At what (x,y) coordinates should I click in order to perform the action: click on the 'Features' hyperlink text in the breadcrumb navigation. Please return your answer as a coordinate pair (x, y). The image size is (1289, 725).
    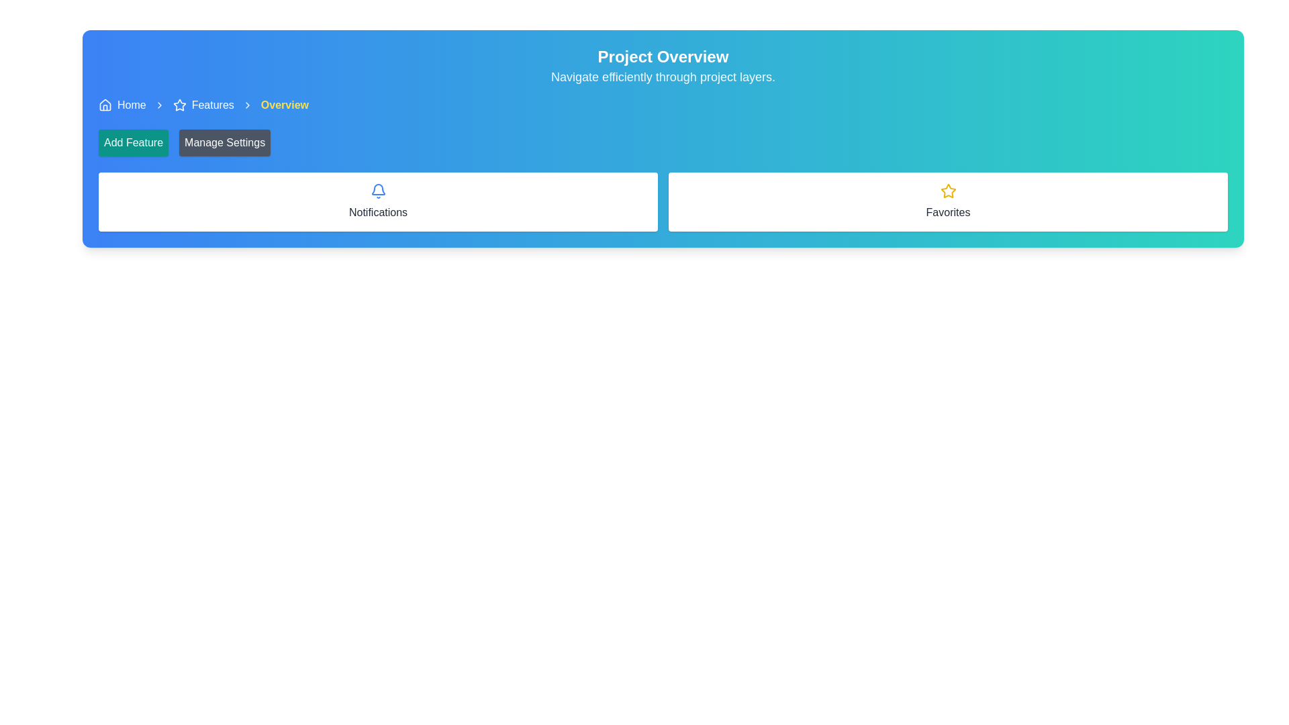
    Looking at the image, I should click on (211, 105).